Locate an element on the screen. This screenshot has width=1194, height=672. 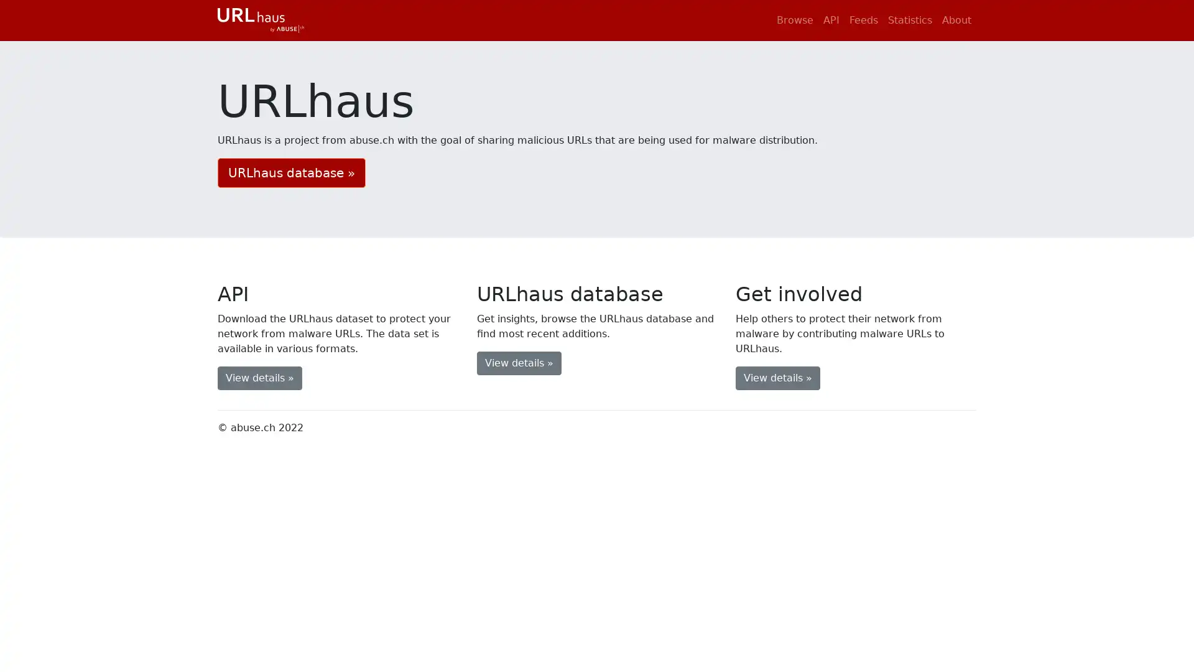
View details is located at coordinates (259, 376).